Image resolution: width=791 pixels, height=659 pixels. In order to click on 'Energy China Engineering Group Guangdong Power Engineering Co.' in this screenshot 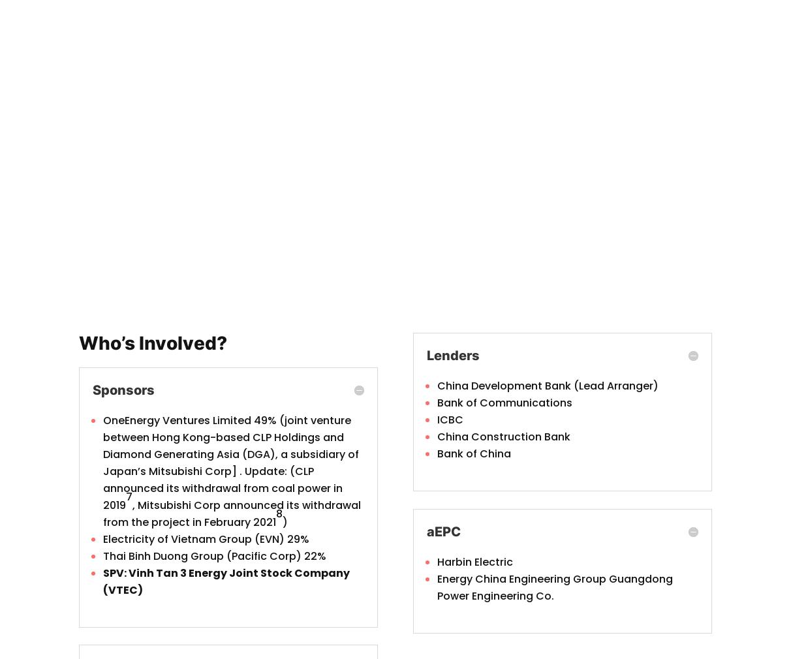, I will do `click(554, 587)`.